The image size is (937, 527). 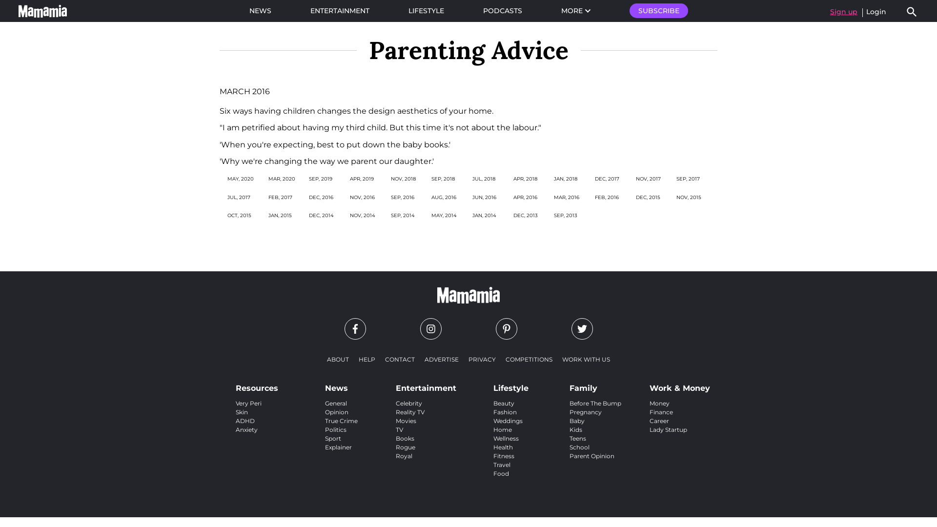 I want to click on 'Career', so click(x=659, y=420).